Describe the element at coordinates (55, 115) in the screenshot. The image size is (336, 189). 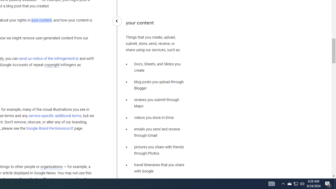
I see `'service-specific additional terms'` at that location.